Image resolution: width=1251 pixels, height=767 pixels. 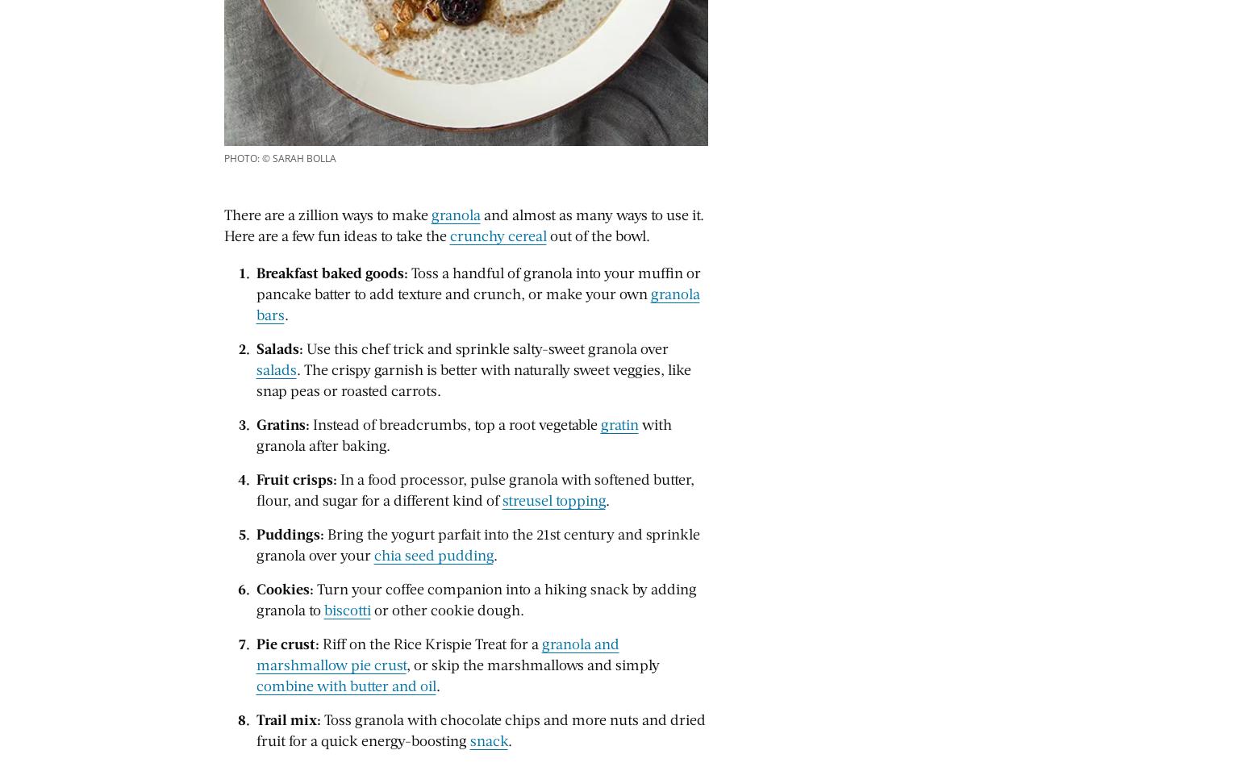 I want to click on 'Use this chef trick and sprinkle salty-sweet granola over', so click(x=306, y=348).